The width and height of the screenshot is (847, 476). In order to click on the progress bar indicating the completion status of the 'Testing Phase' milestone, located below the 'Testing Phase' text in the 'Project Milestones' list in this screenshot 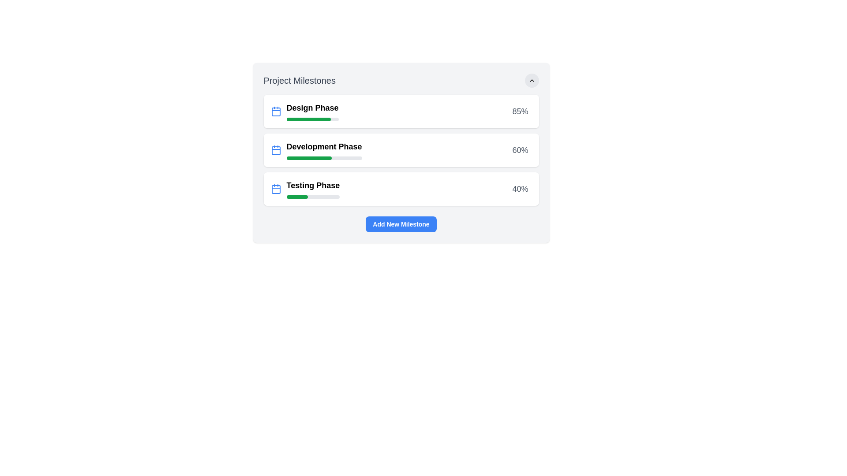, I will do `click(313, 197)`.